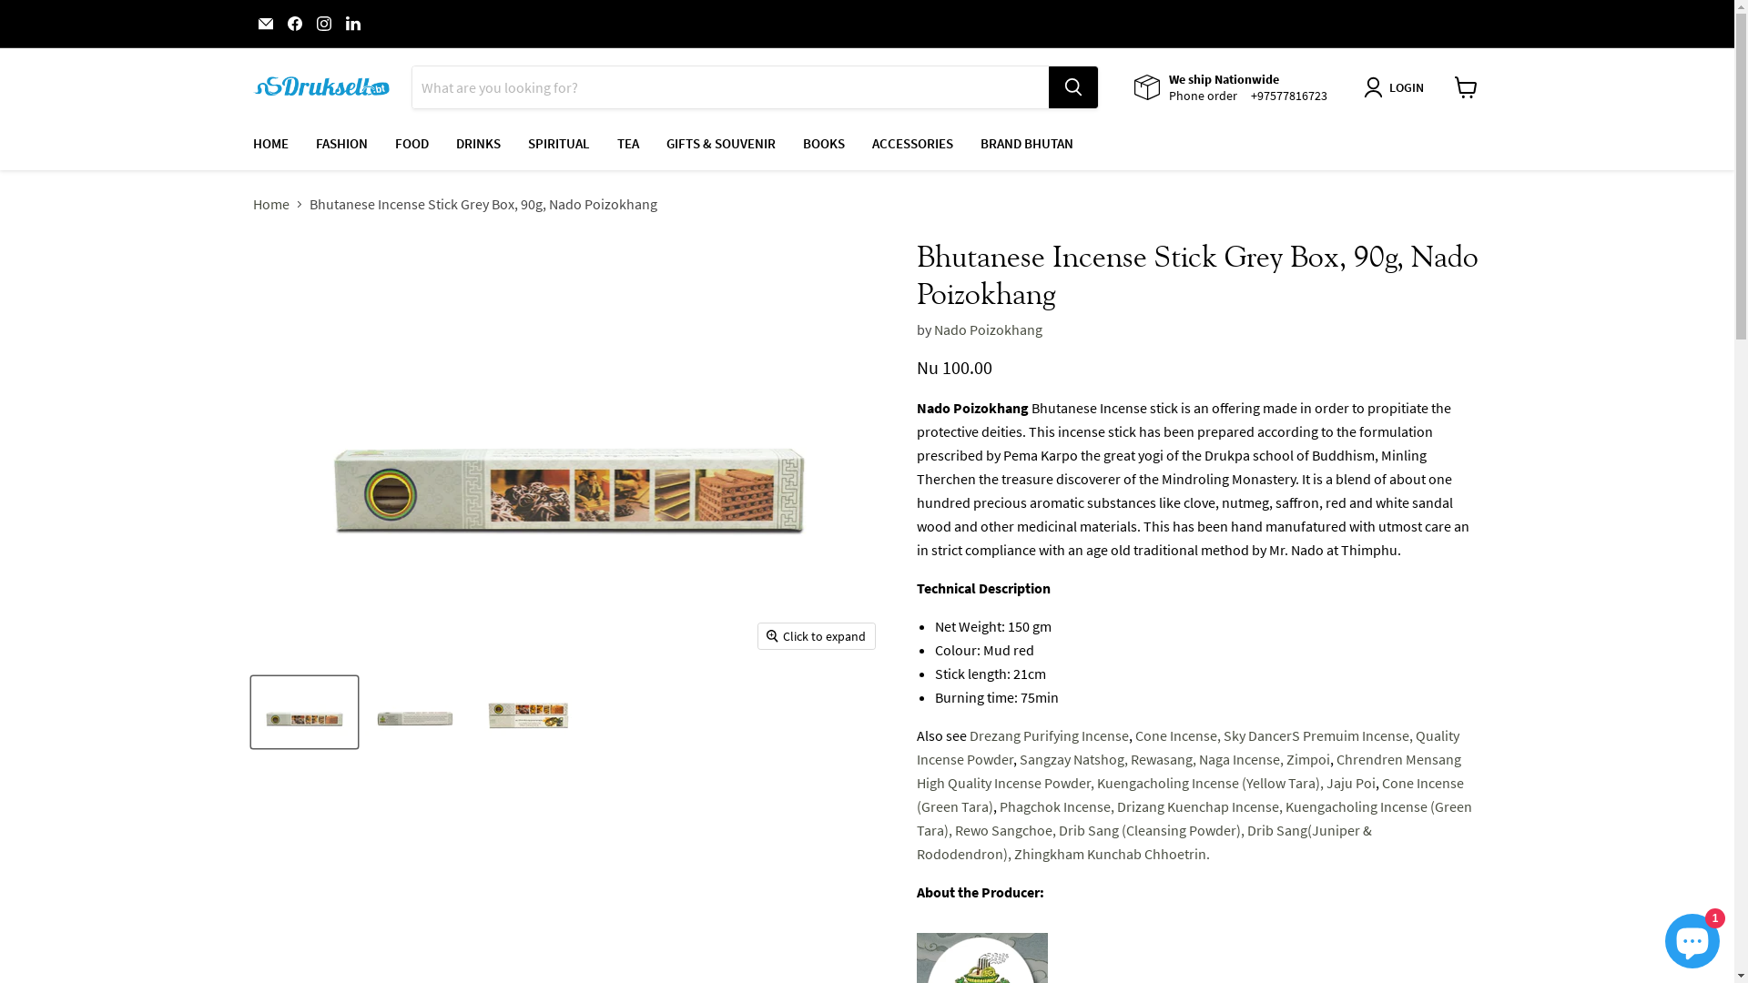 This screenshot has width=1748, height=983. I want to click on 'Email druksell.bt', so click(265, 24).